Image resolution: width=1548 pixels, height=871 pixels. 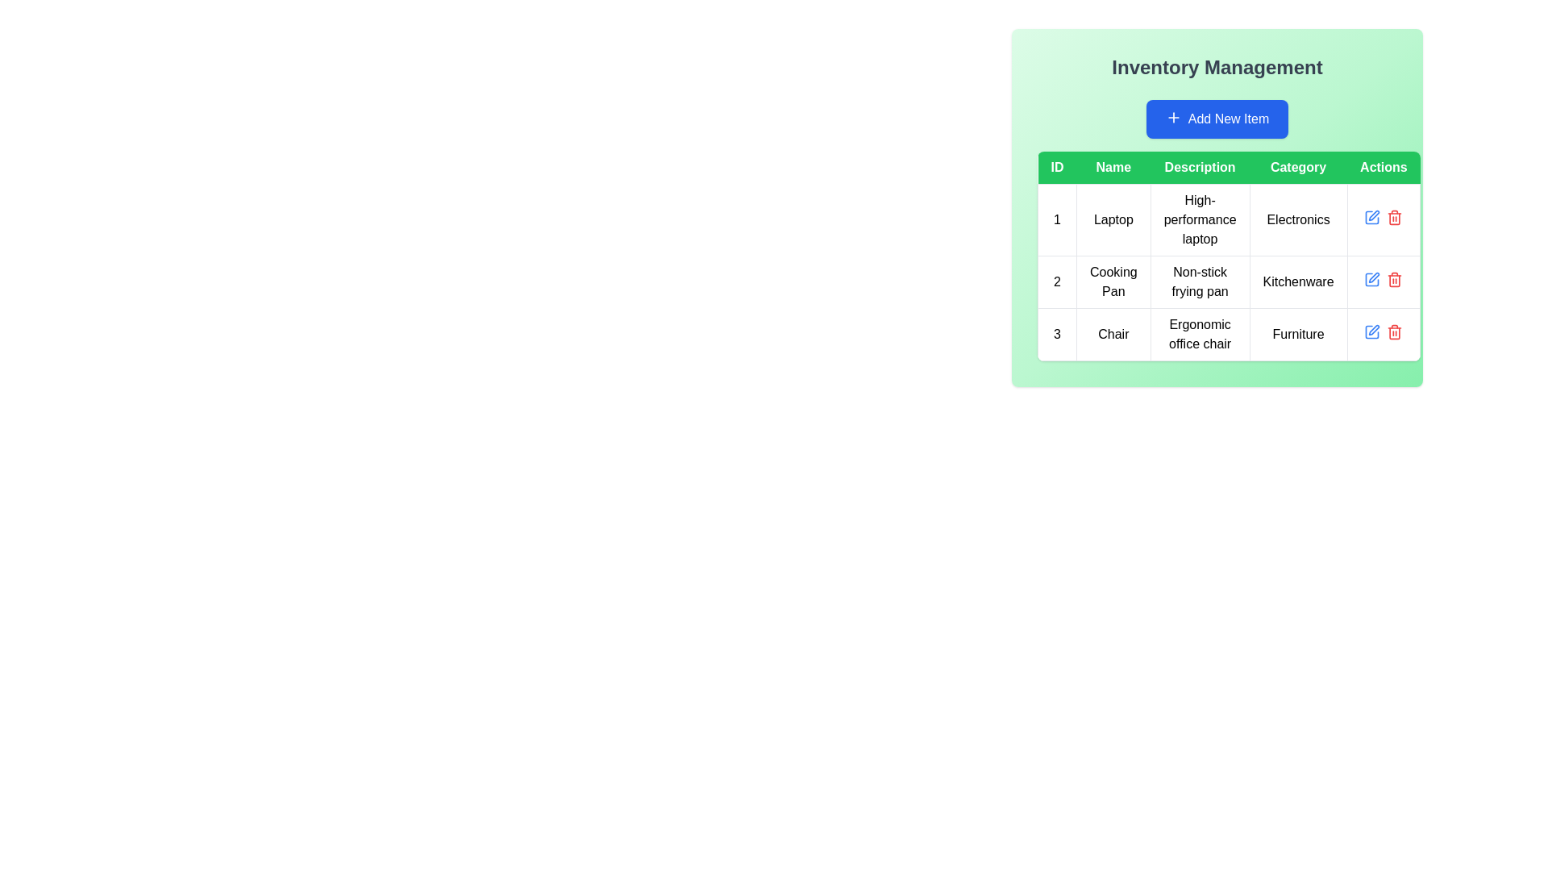 What do you see at coordinates (1371, 331) in the screenshot?
I see `the edit icon button located in the 'Actions' column of the last row in the data table to initiate editing` at bounding box center [1371, 331].